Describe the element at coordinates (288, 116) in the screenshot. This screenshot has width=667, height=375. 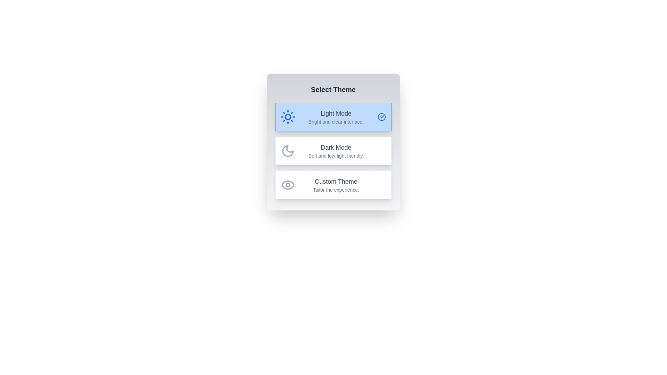
I see `the 'Light Mode' theme icon, which is the leftmost icon in the selection panel and visually represents the 'Light Mode' theme` at that location.